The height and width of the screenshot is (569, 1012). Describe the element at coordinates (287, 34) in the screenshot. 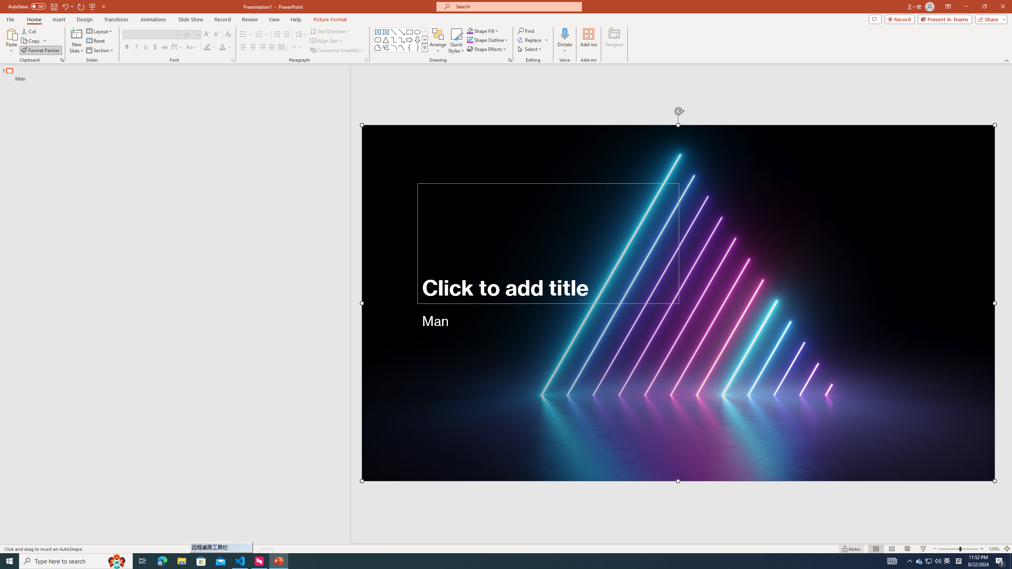

I see `'Increase Indent'` at that location.